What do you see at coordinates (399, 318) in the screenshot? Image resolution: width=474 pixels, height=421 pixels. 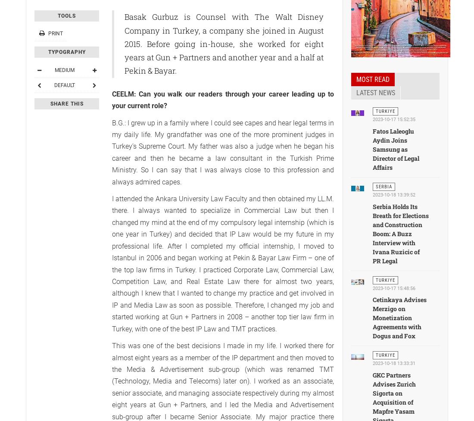 I see `'Cetinkaya Advises Merzigo on Monetization Agreements with Dogus and Fox'` at bounding box center [399, 318].